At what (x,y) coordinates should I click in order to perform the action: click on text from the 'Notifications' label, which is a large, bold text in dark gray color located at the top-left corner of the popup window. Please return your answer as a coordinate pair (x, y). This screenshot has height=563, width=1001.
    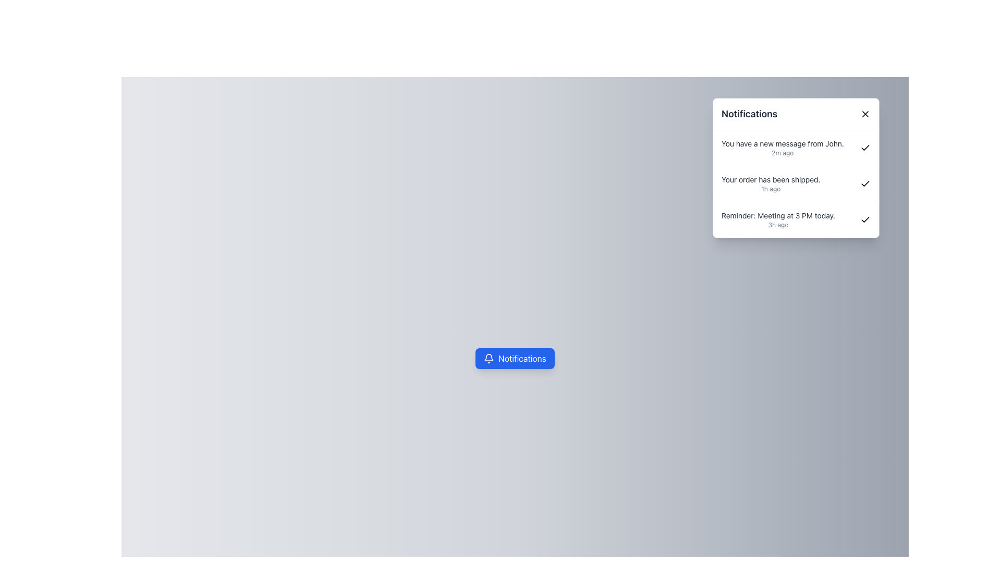
    Looking at the image, I should click on (749, 114).